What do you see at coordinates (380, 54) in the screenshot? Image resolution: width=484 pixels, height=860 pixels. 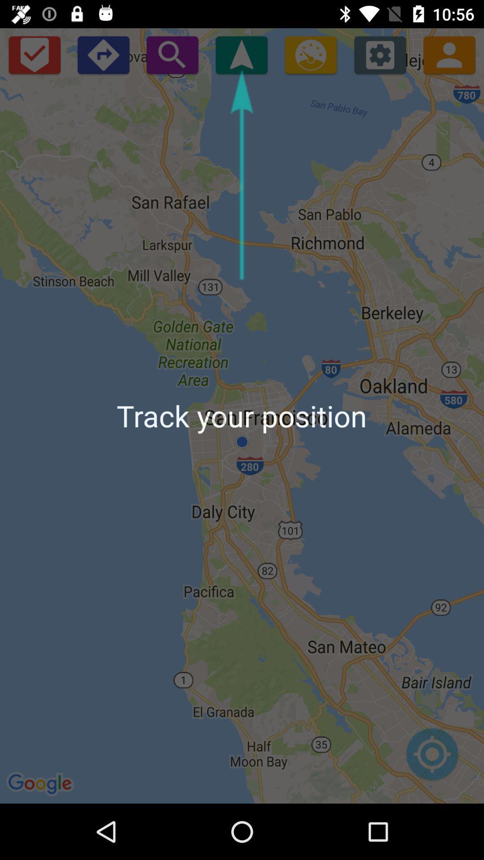 I see `settings` at bounding box center [380, 54].